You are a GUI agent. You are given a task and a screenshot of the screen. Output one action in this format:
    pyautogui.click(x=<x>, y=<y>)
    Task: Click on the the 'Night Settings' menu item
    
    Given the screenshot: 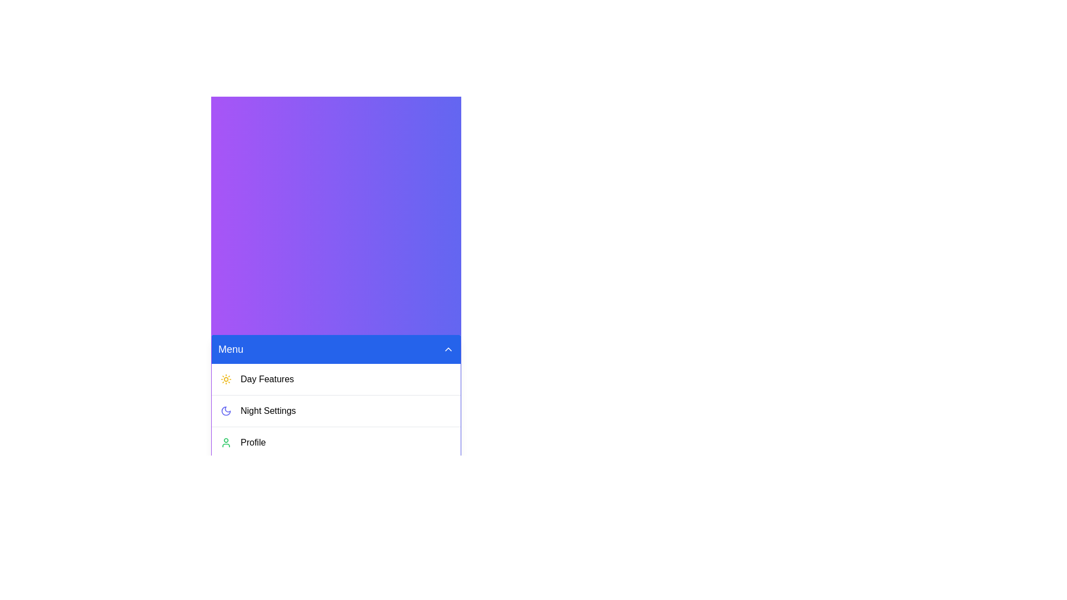 What is the action you would take?
    pyautogui.click(x=335, y=411)
    